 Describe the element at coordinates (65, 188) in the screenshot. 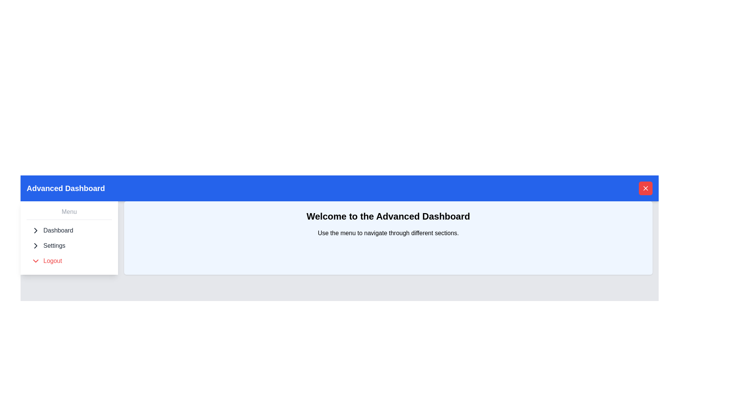

I see `the 'Advanced Dashboard' static text label, which is prominently displayed in bold, extra-large font on the left side of the top navigation bar` at that location.